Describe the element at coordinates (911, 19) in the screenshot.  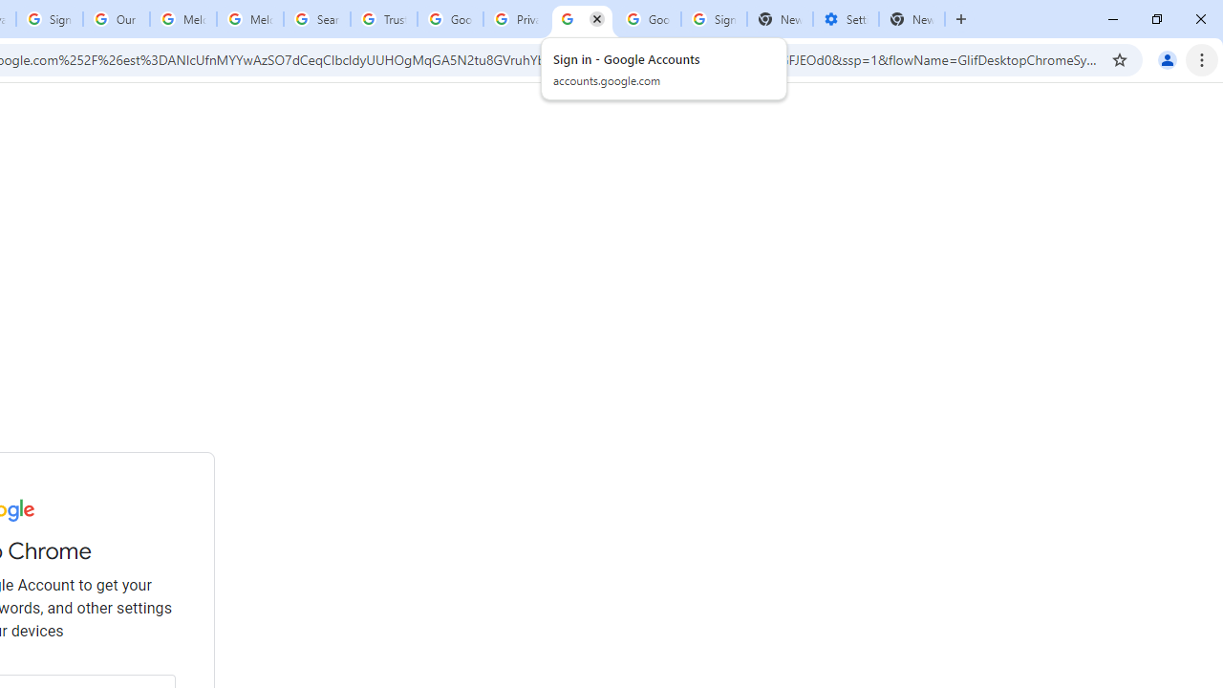
I see `'New Tab'` at that location.